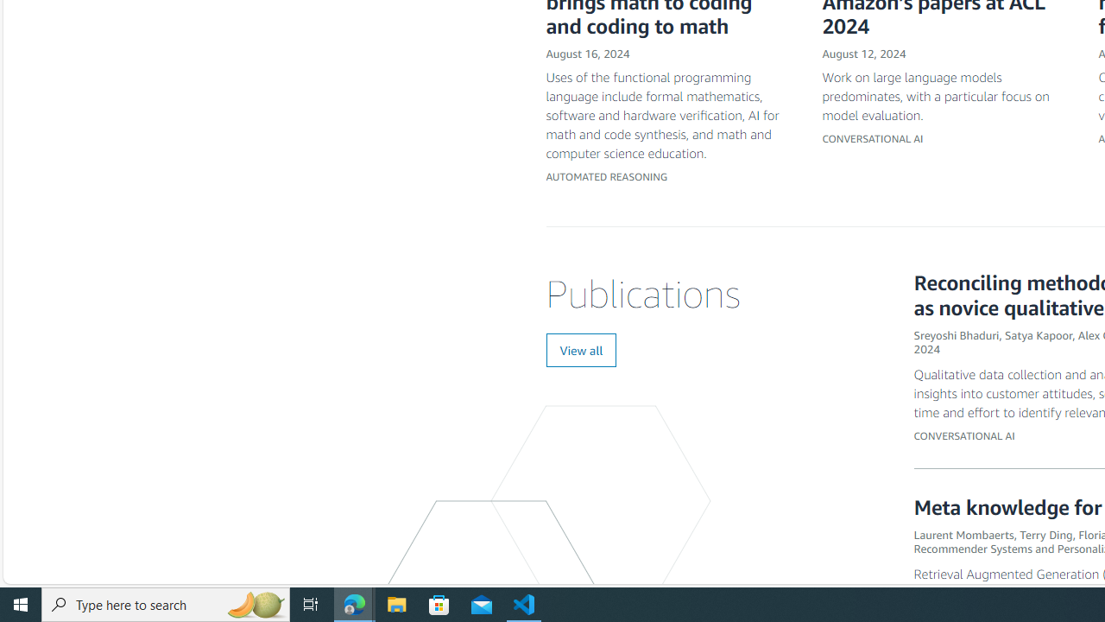  I want to click on 'Sreyoshi Bhaduri', so click(956, 334).